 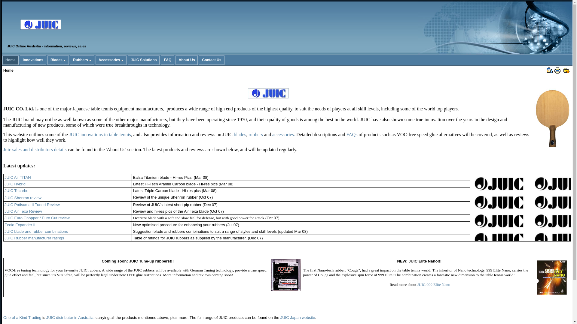 What do you see at coordinates (20, 225) in the screenshot?
I see `'Ecolo Expander II'` at bounding box center [20, 225].